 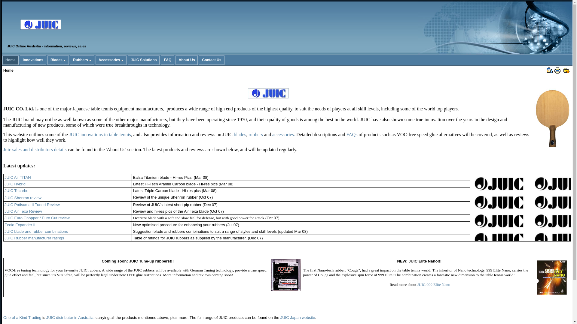 What do you see at coordinates (20, 225) in the screenshot?
I see `'Ecolo Expander II'` at bounding box center [20, 225].